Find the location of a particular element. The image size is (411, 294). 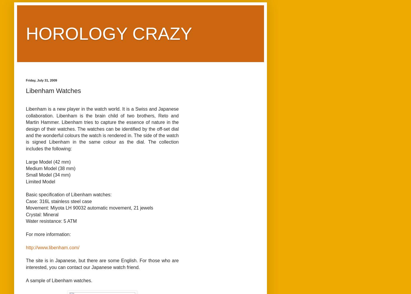

'Large Model (42 mm)' is located at coordinates (48, 161).